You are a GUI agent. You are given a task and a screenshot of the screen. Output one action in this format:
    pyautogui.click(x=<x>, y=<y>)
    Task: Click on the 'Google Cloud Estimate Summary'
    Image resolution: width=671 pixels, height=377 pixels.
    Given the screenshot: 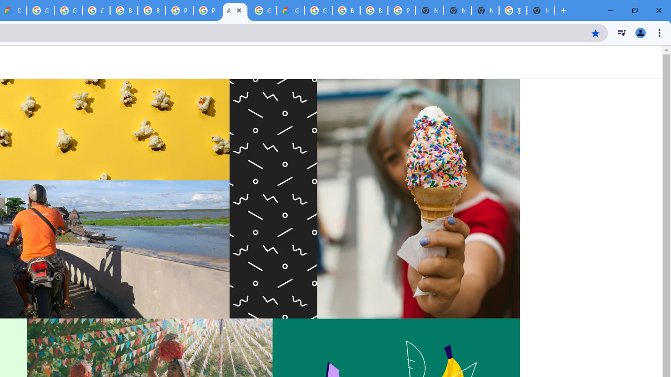 What is the action you would take?
    pyautogui.click(x=290, y=10)
    